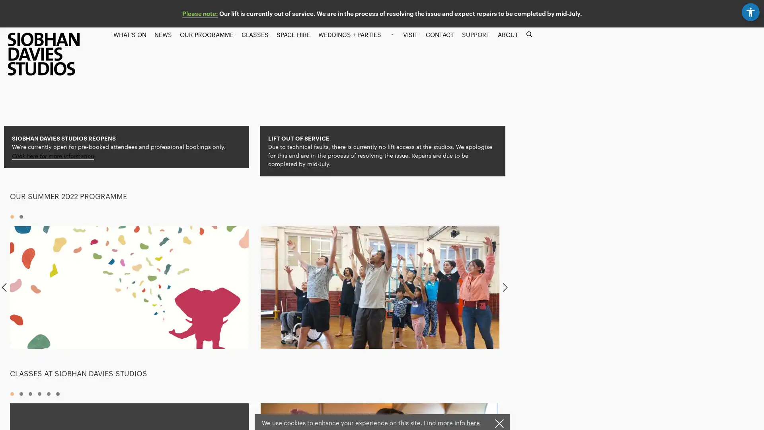 The height and width of the screenshot is (430, 764). What do you see at coordinates (498, 423) in the screenshot?
I see `I understand` at bounding box center [498, 423].